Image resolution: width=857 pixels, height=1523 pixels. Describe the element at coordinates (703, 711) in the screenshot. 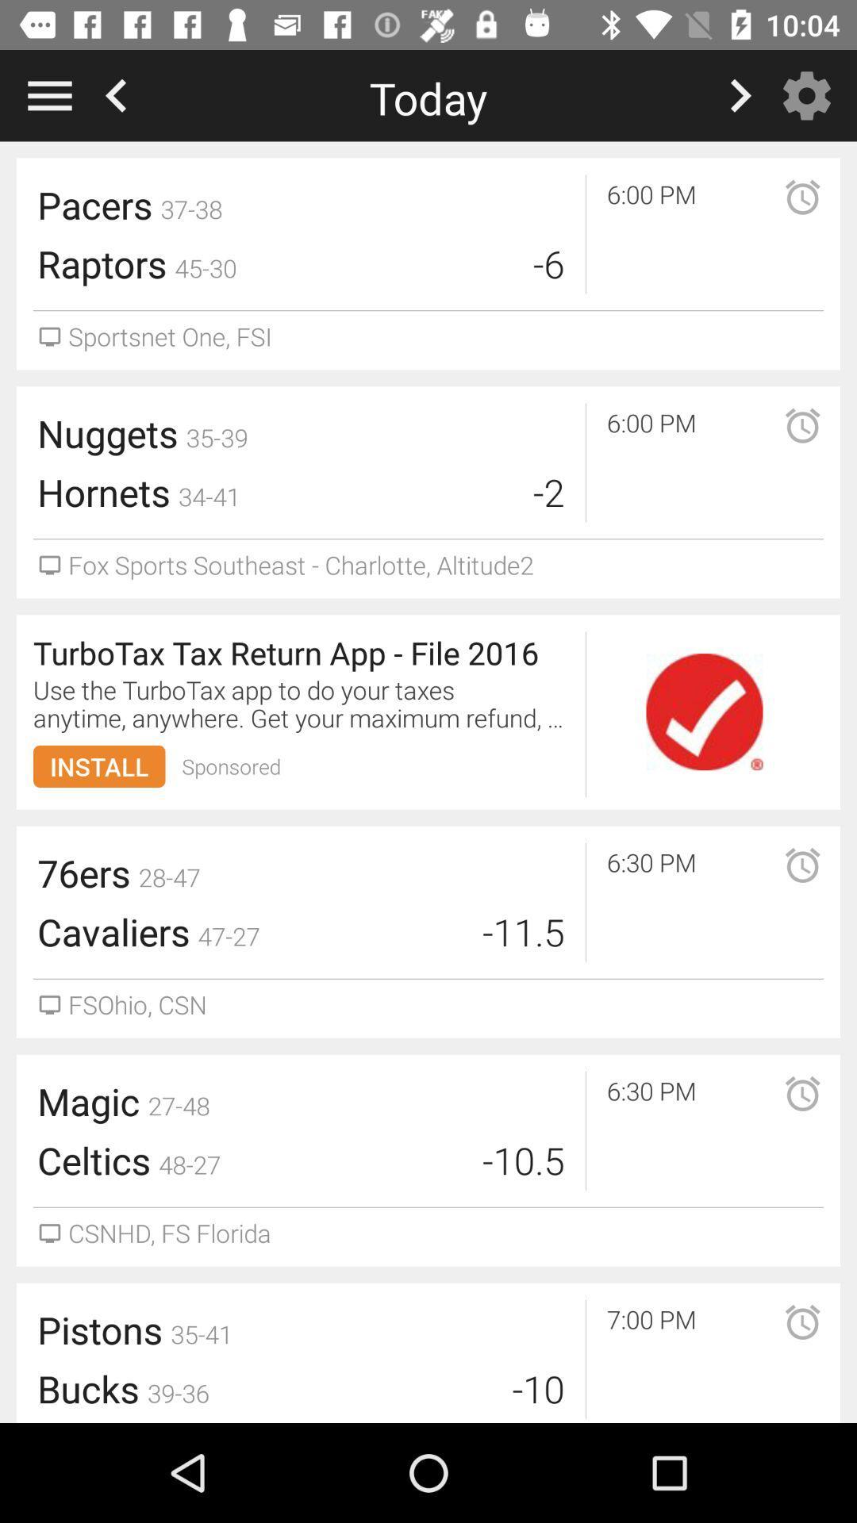

I see `the icon above the 6:30 pm item` at that location.